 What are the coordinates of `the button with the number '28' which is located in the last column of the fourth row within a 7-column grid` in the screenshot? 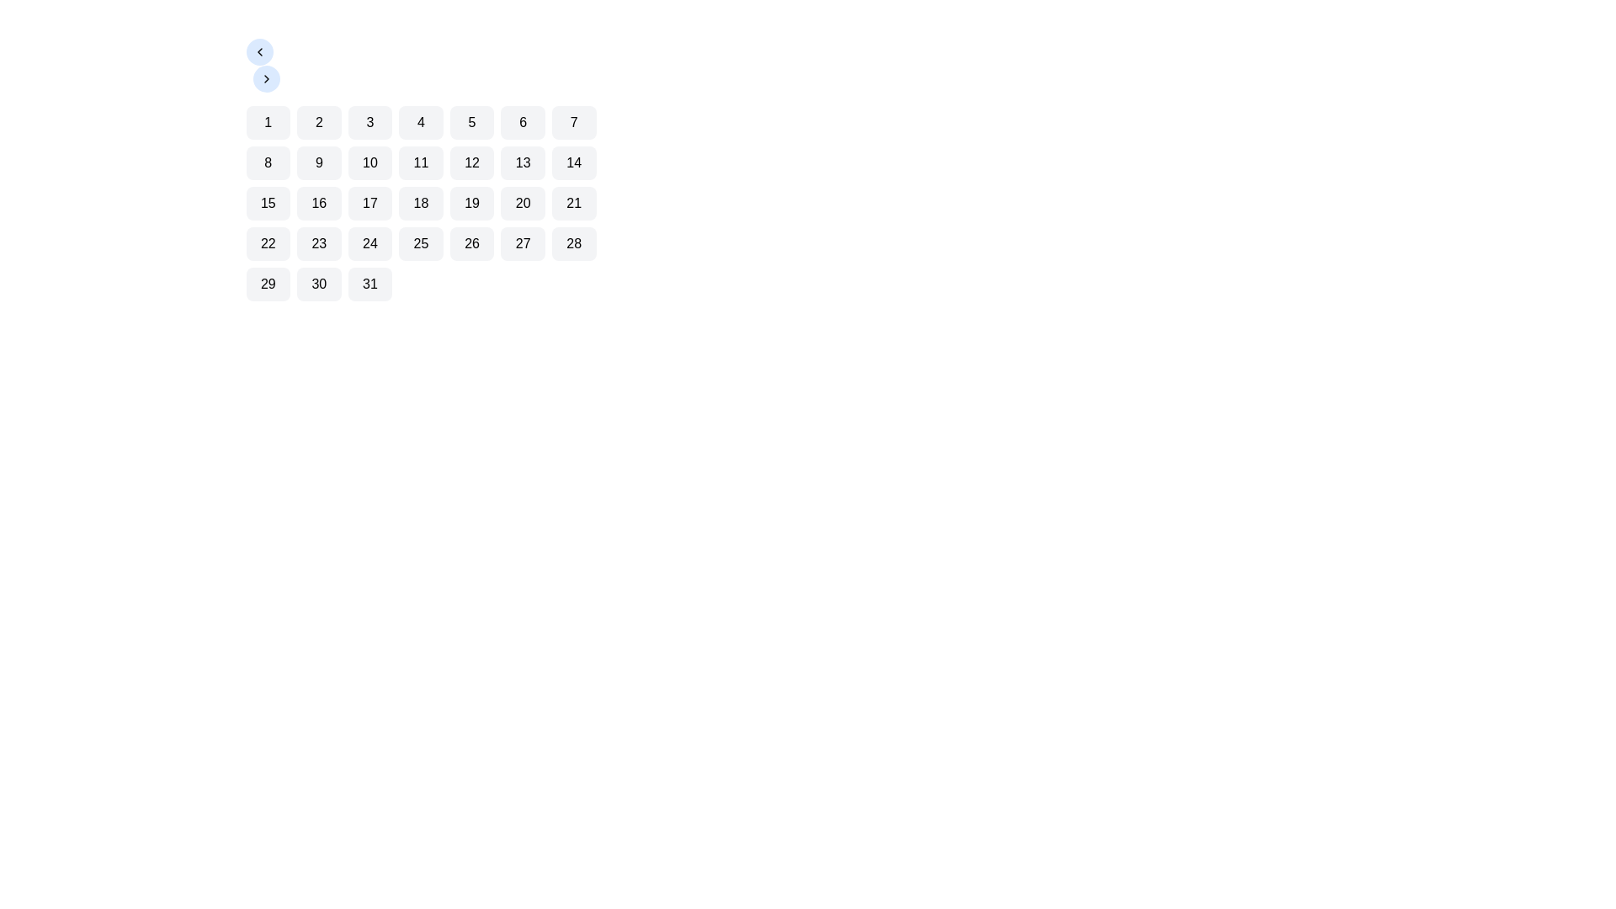 It's located at (574, 243).